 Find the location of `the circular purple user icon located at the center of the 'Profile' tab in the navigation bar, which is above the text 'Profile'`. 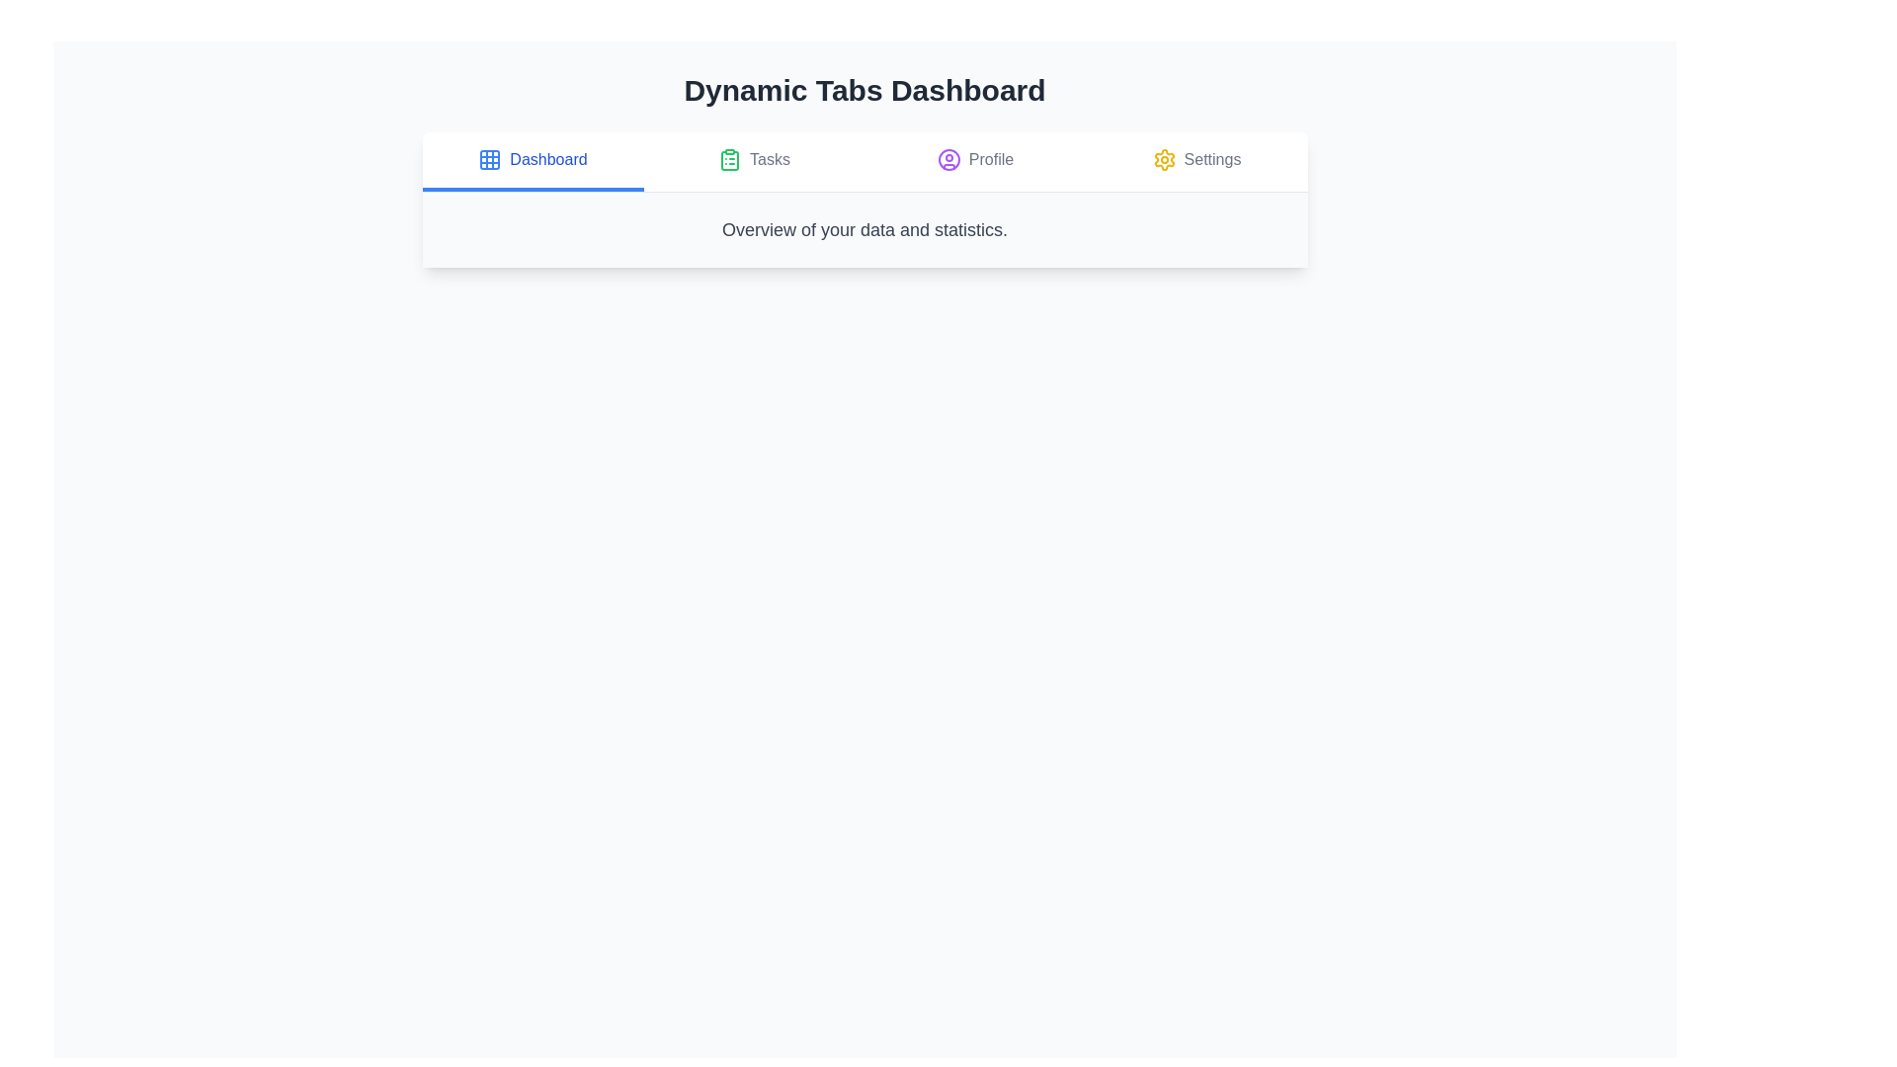

the circular purple user icon located at the center of the 'Profile' tab in the navigation bar, which is above the text 'Profile' is located at coordinates (948, 159).